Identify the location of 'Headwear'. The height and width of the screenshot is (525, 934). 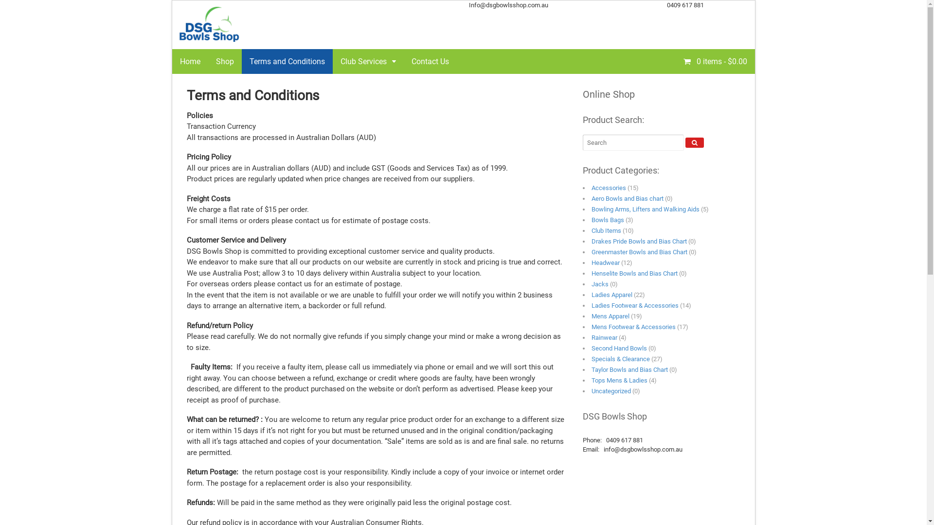
(605, 262).